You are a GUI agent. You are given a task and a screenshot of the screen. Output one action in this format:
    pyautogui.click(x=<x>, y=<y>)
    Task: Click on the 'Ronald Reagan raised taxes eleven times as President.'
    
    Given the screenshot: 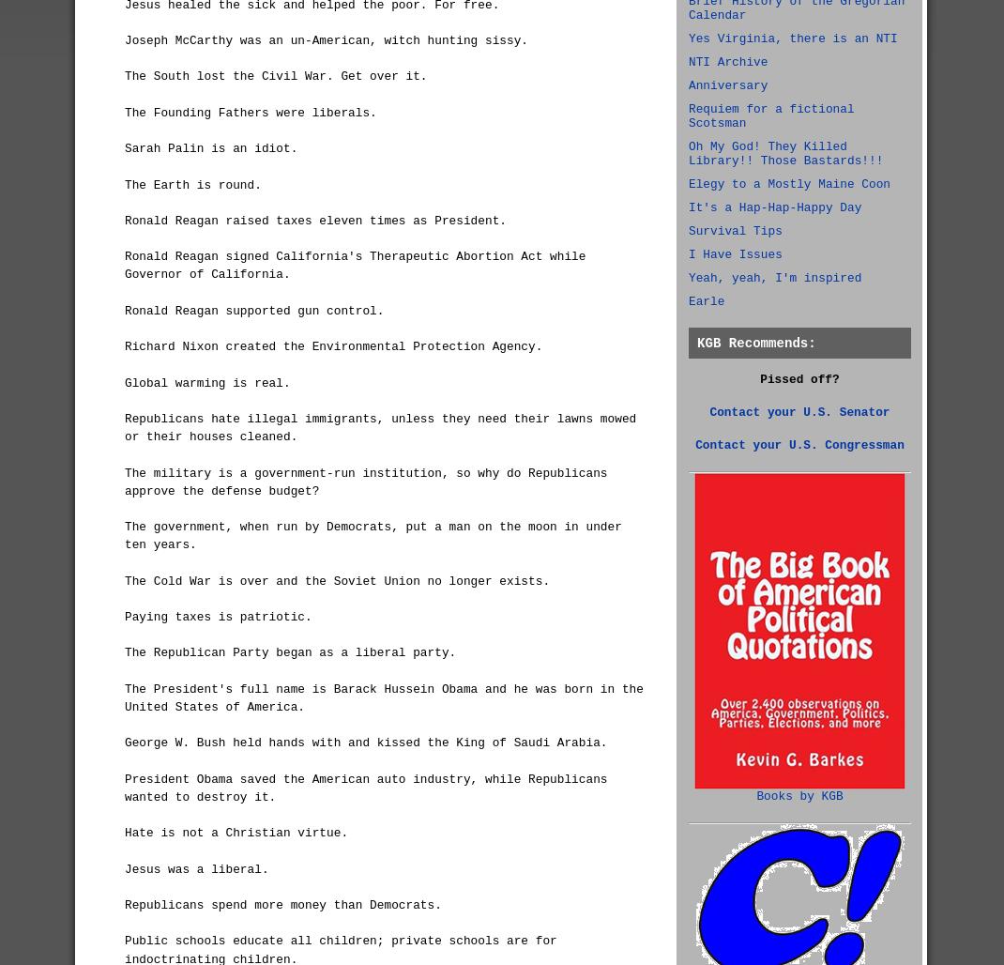 What is the action you would take?
    pyautogui.click(x=315, y=219)
    